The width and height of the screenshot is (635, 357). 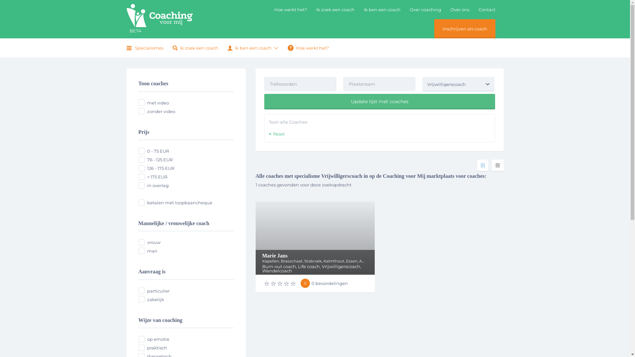 What do you see at coordinates (464, 28) in the screenshot?
I see `'Inschrijven als coach'` at bounding box center [464, 28].